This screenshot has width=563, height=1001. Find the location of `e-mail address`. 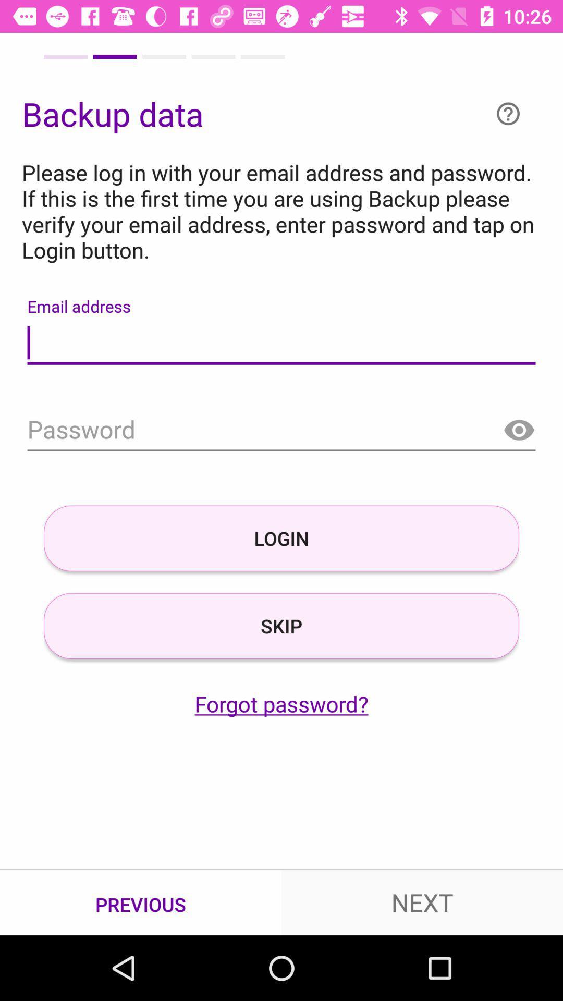

e-mail address is located at coordinates (281, 343).